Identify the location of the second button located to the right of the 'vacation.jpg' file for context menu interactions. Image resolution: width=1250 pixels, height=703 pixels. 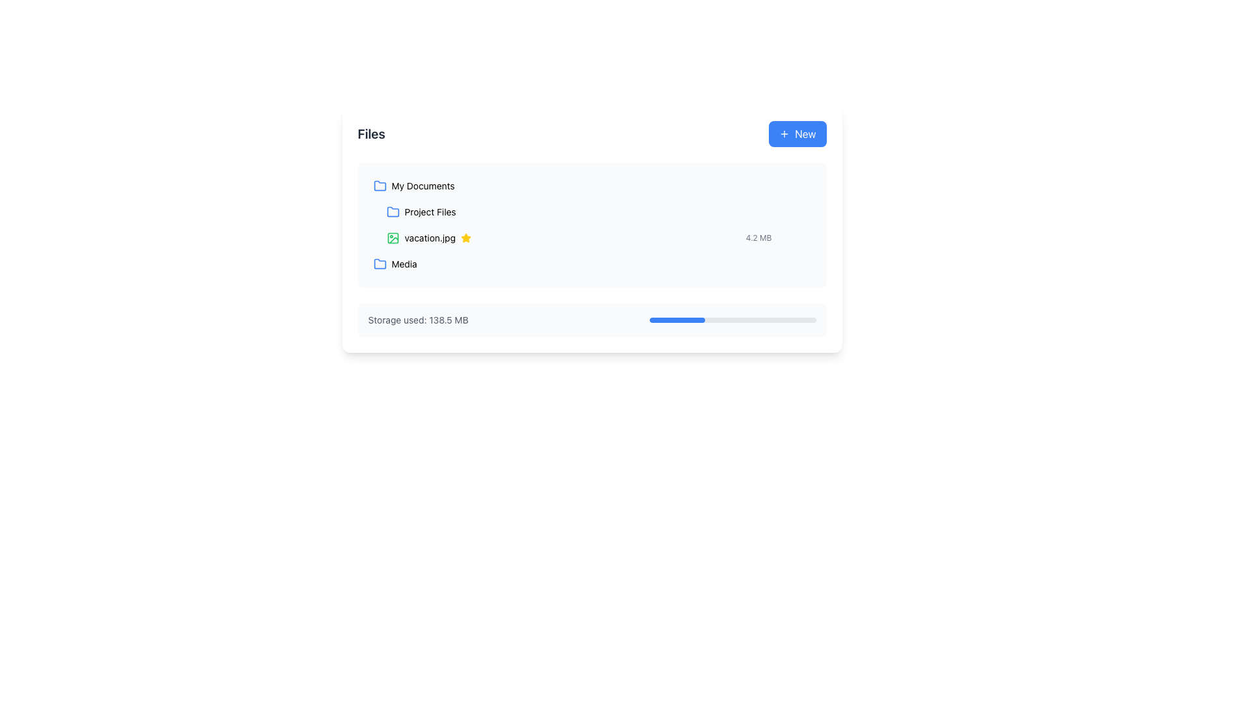
(802, 238).